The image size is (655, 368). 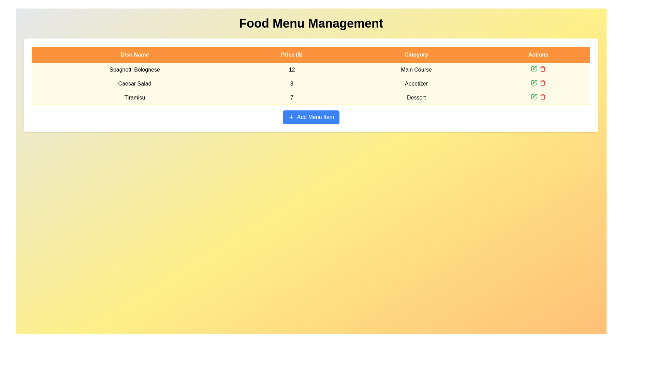 I want to click on the edit button located in the 'Actions' column of the last row, associated with the 'Tiramisu' menu item, so click(x=534, y=96).